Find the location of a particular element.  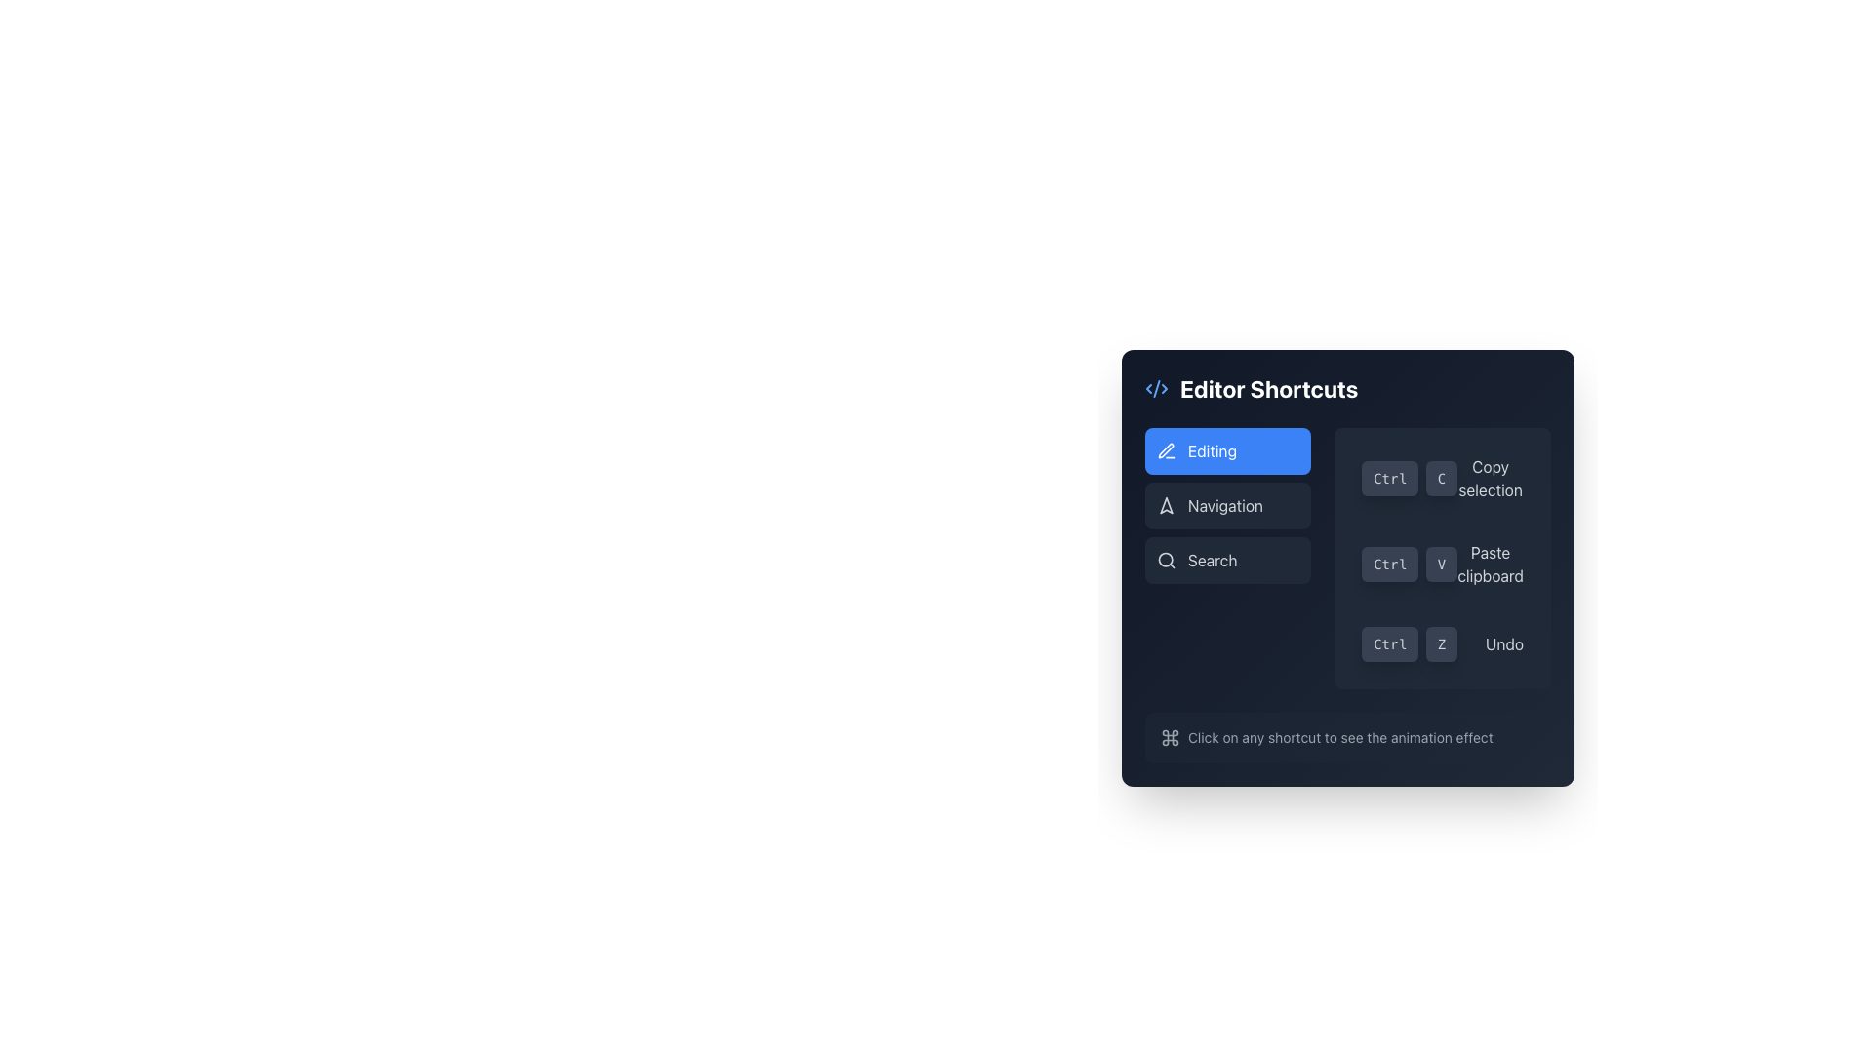

the 'Editing' label text within the blue rounded rectangle in the 'Editor Shortcuts' section is located at coordinates (1212, 450).